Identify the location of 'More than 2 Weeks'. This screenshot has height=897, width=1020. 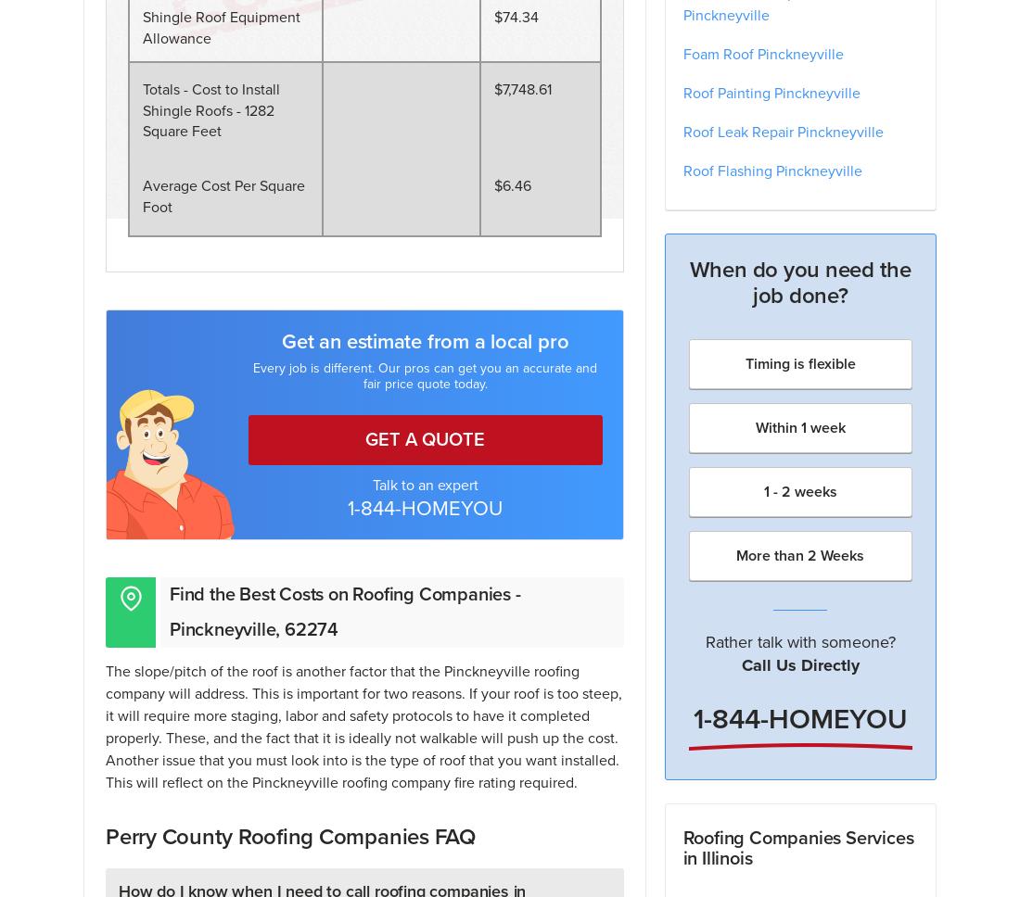
(798, 555).